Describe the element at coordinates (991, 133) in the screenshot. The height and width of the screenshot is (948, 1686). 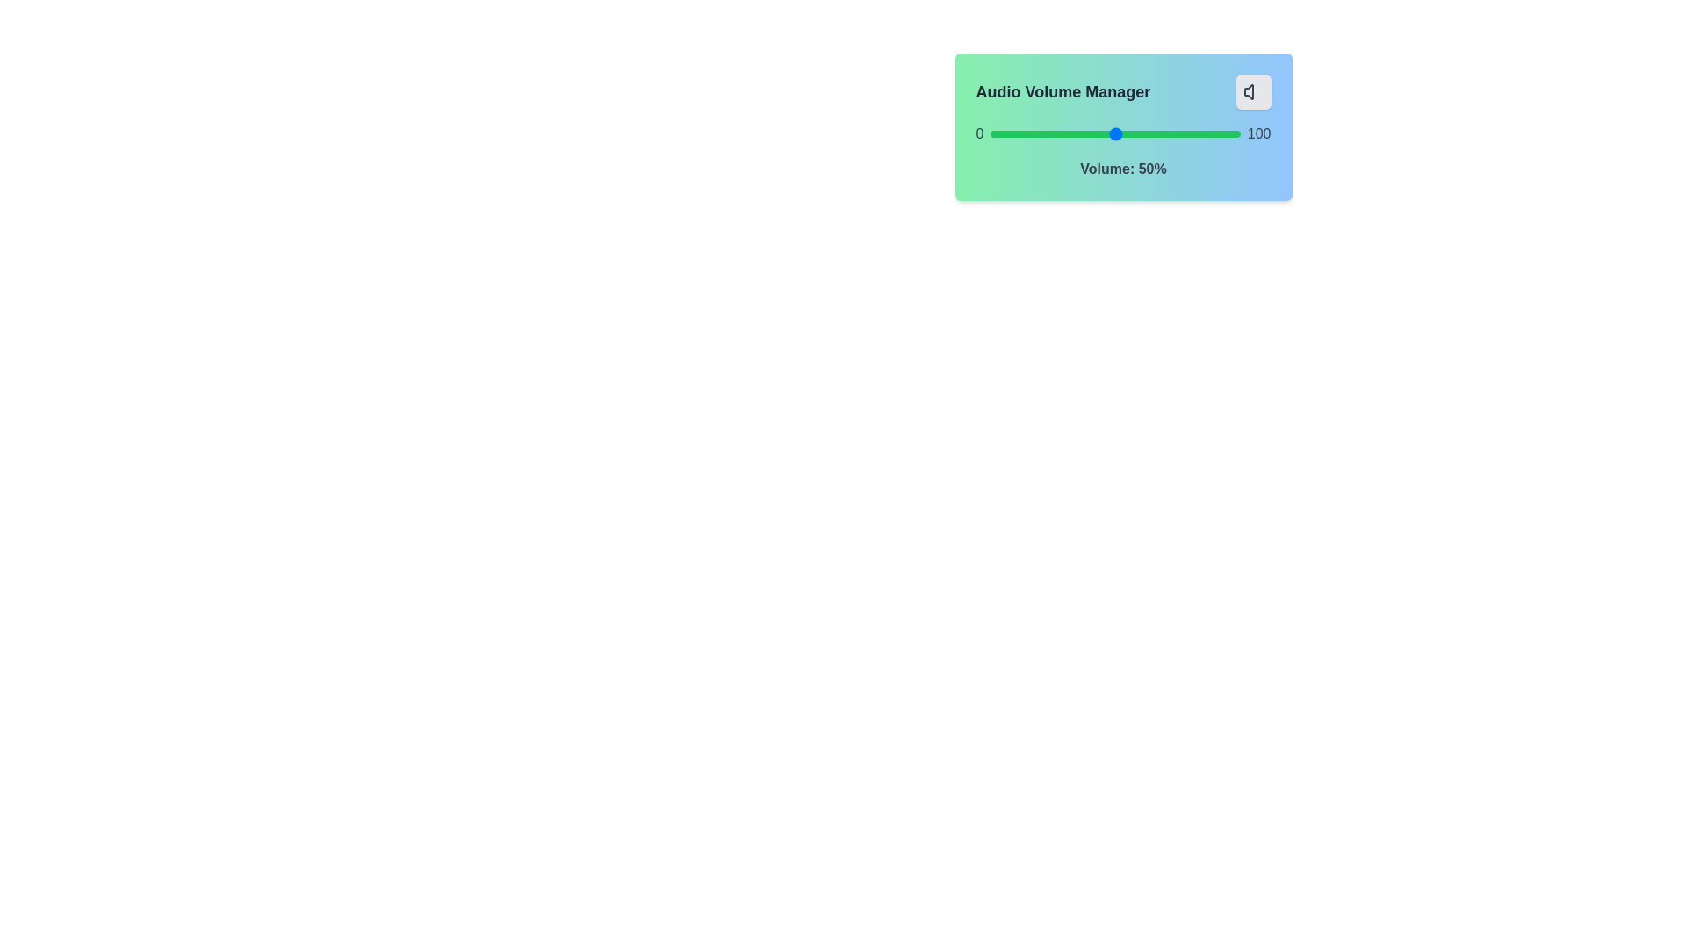
I see `the audio volume` at that location.